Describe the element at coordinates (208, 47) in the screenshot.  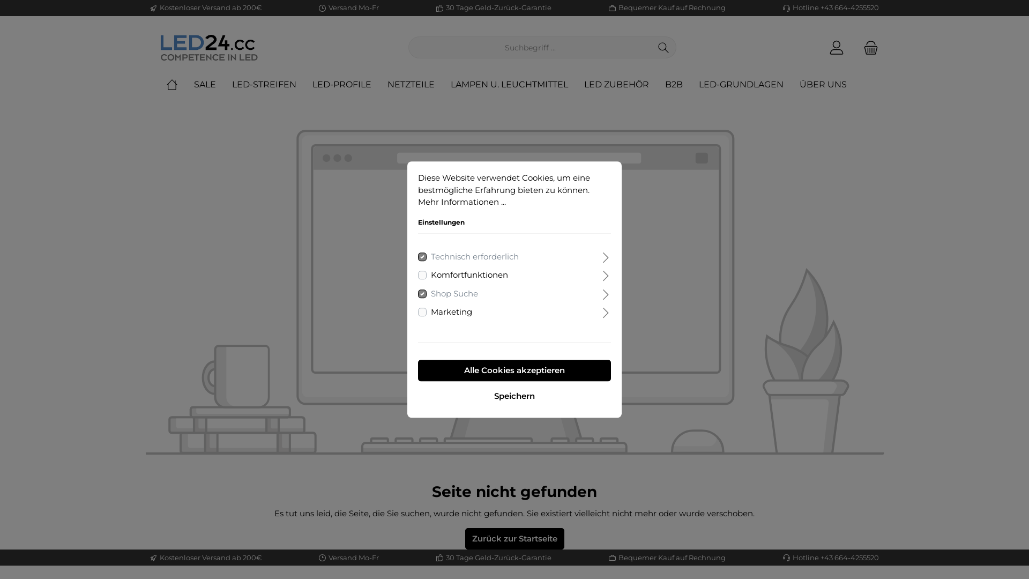
I see `'Zur Startseite wechseln'` at that location.